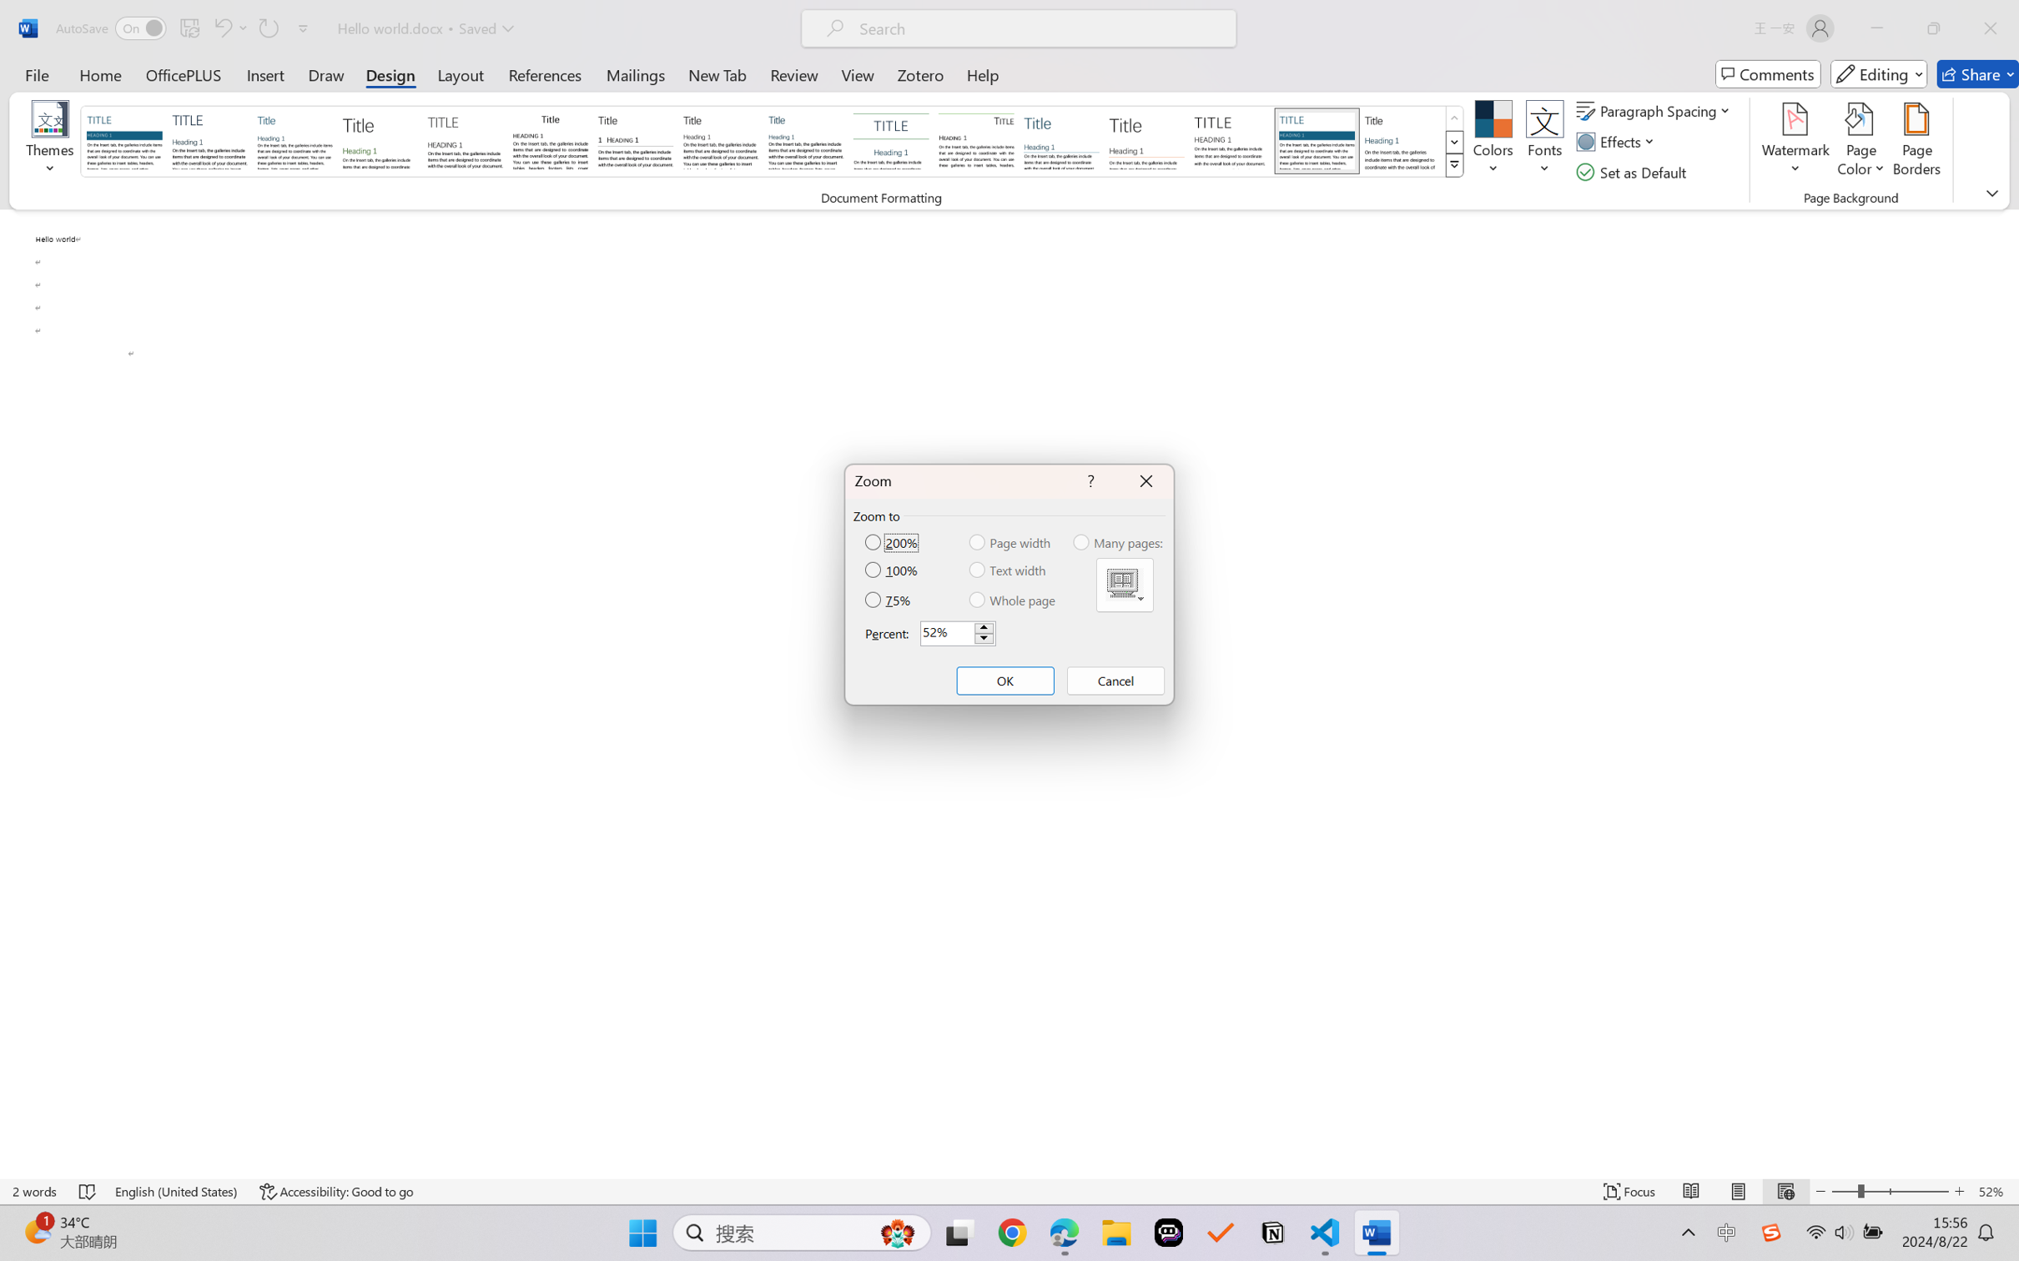 The width and height of the screenshot is (2019, 1261). What do you see at coordinates (111, 28) in the screenshot?
I see `'AutoSave'` at bounding box center [111, 28].